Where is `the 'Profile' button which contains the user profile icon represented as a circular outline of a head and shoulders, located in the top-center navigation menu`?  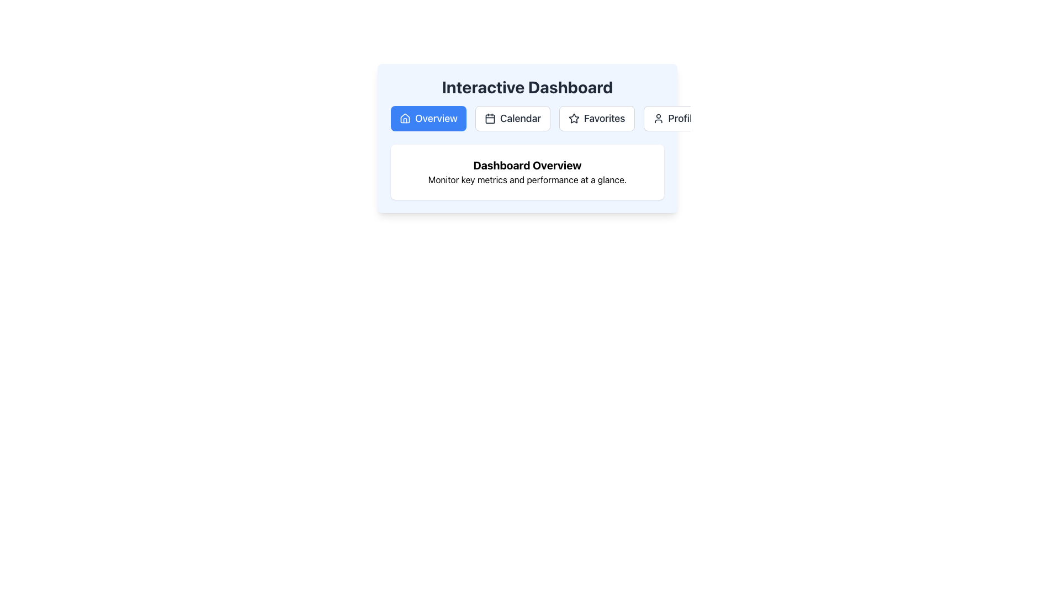 the 'Profile' button which contains the user profile icon represented as a circular outline of a head and shoulders, located in the top-center navigation menu is located at coordinates (658, 119).